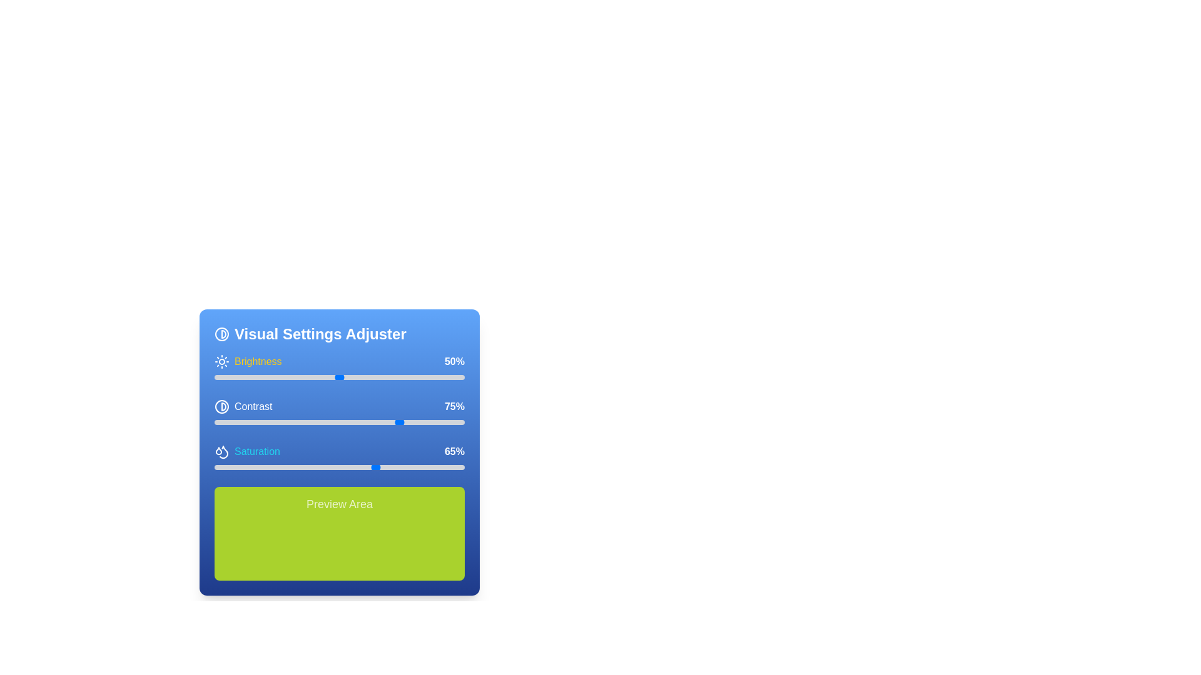 This screenshot has width=1201, height=675. Describe the element at coordinates (296, 467) in the screenshot. I see `saturation` at that location.